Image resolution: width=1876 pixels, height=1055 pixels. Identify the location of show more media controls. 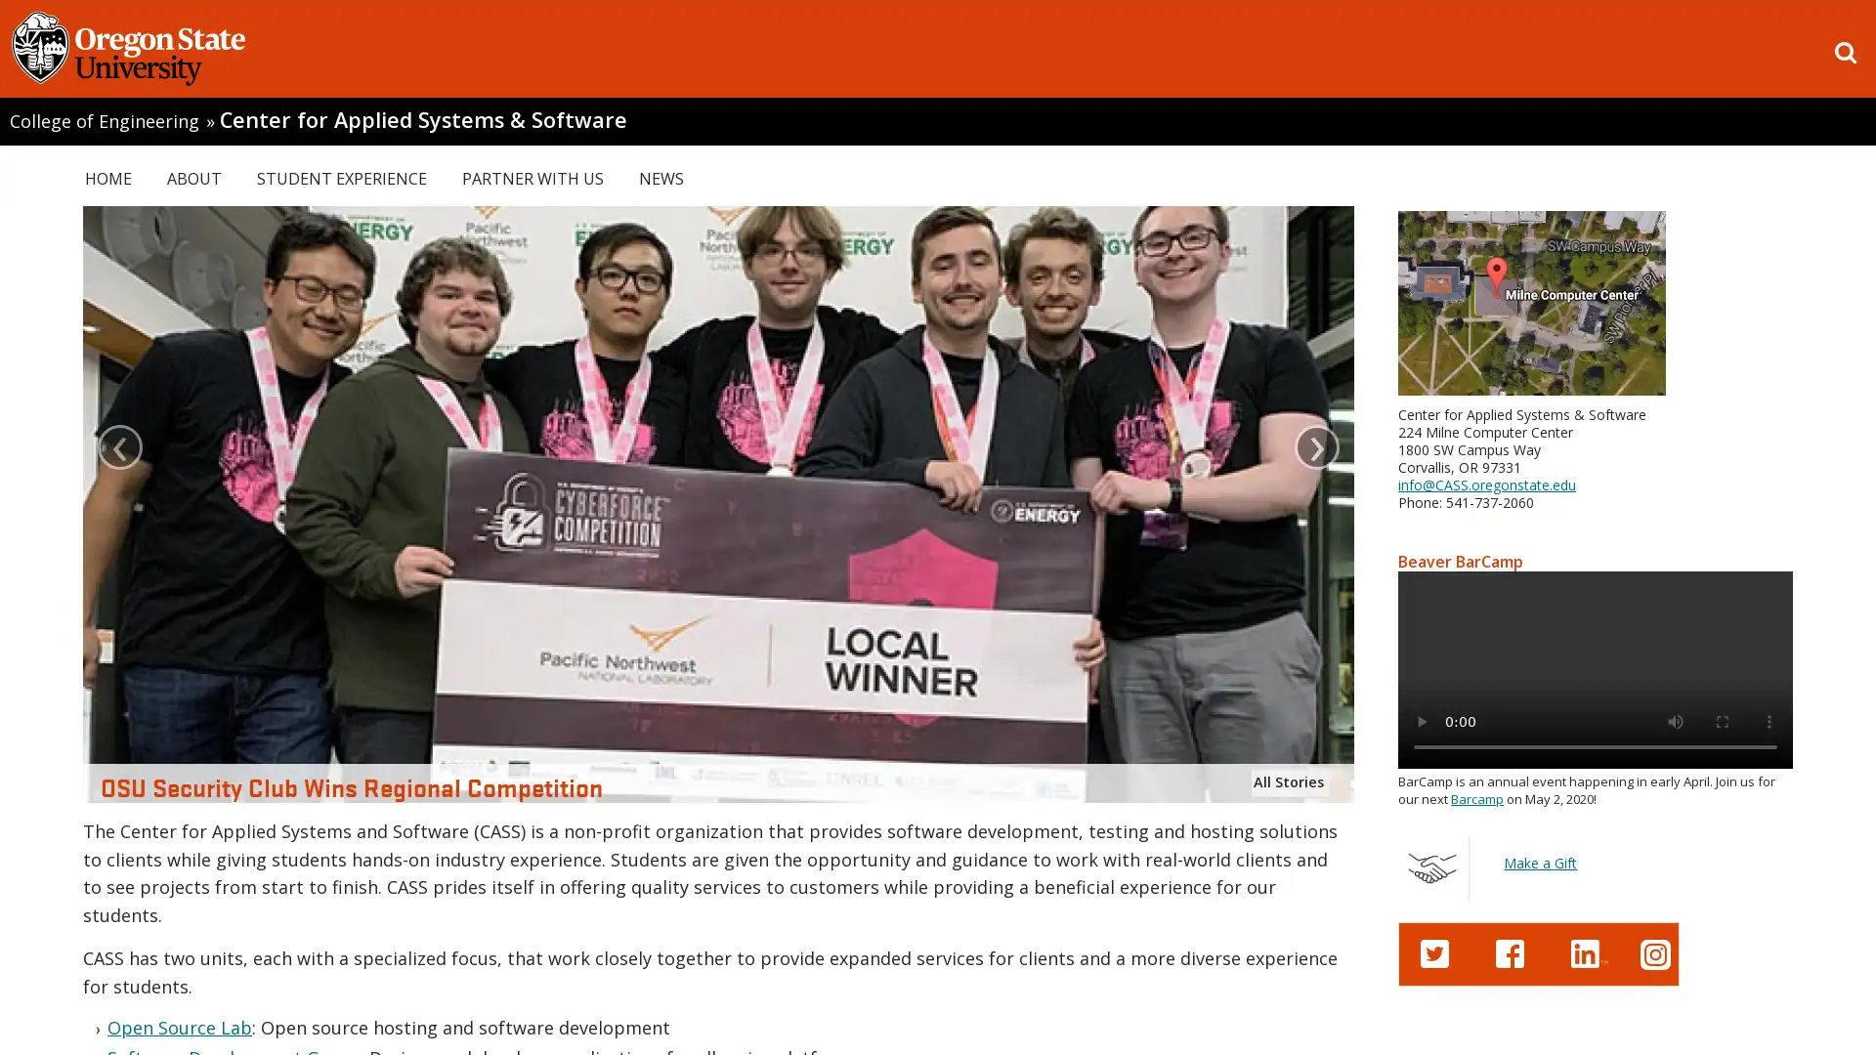
(1768, 720).